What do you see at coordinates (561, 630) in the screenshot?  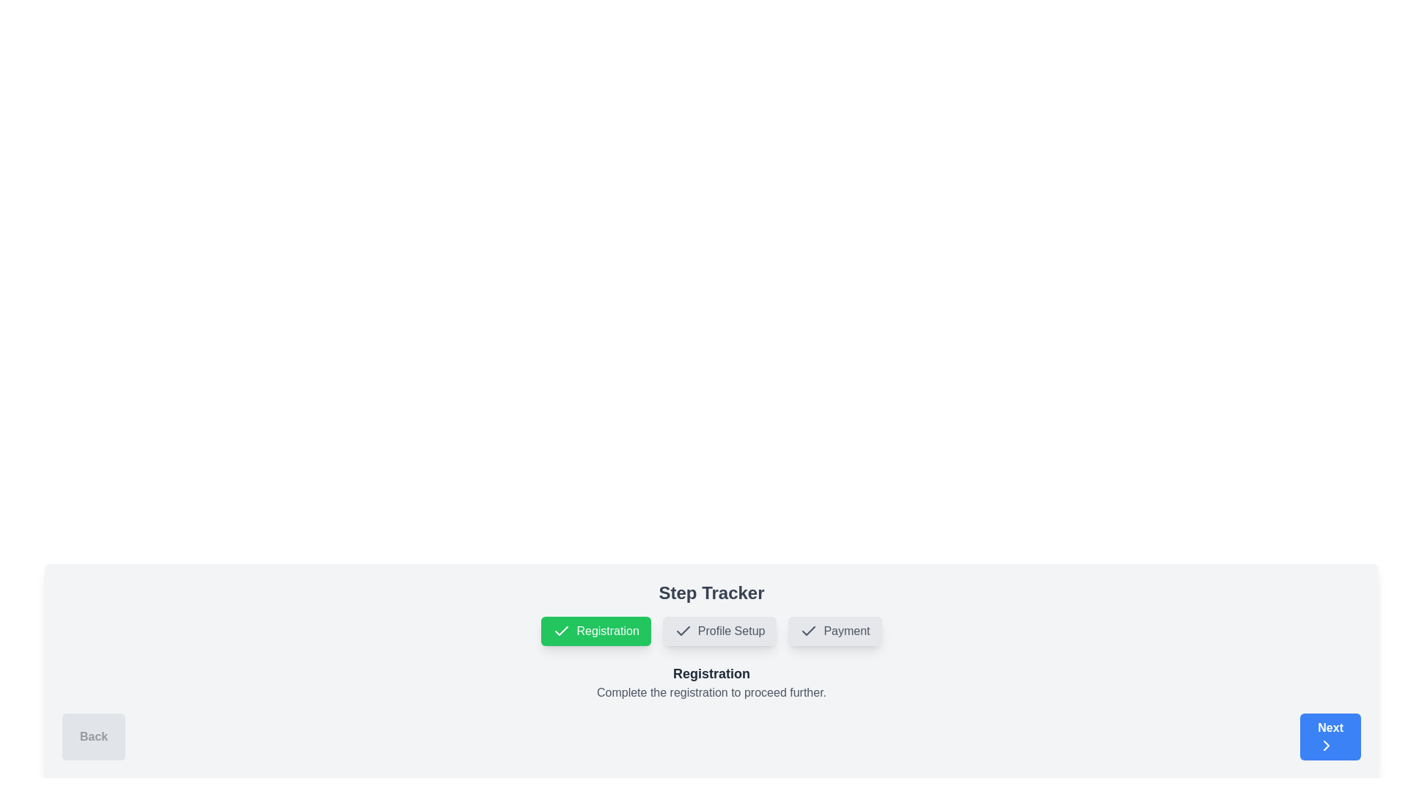 I see `the visual feedback of the checkmark icon, which is styled with a bold, rounded stroke and located within a green rounded rectangle next to the text 'Registration'. This icon indicates successful completion or activation in the step tracker layout` at bounding box center [561, 630].